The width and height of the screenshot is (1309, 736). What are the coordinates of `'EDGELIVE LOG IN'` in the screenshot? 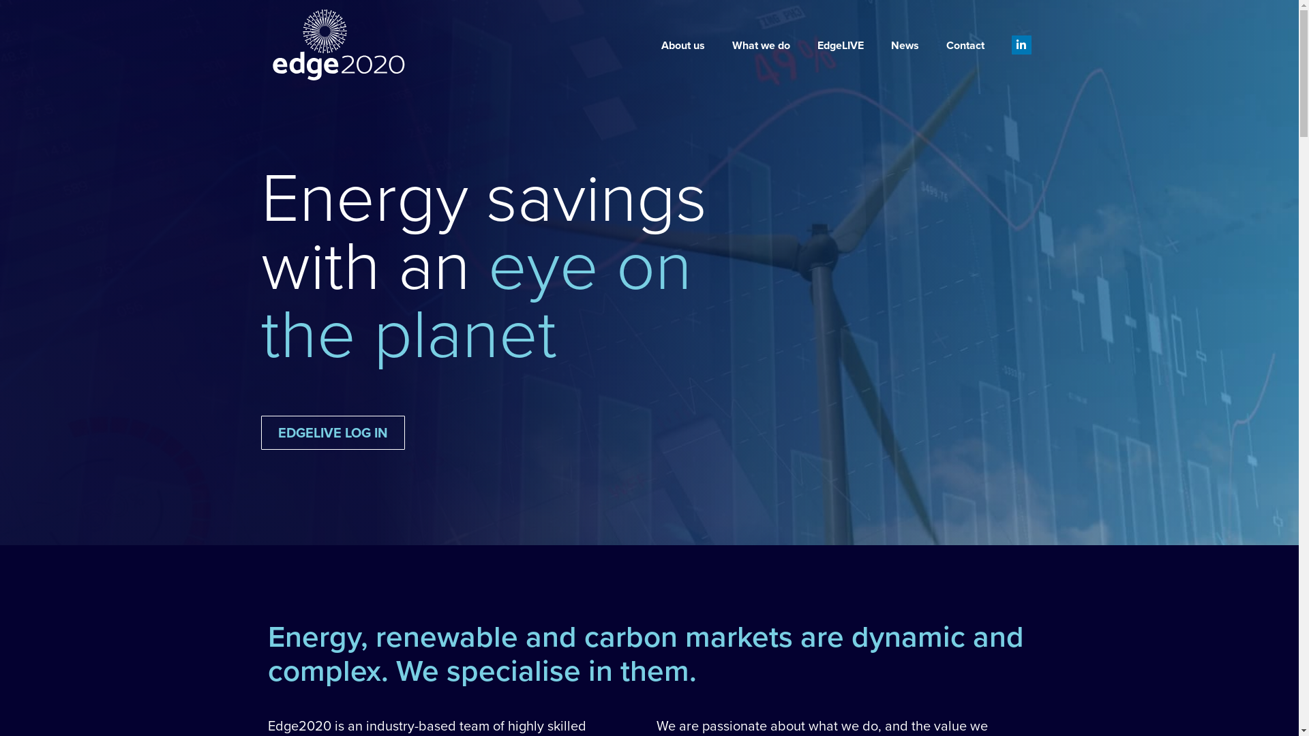 It's located at (332, 433).